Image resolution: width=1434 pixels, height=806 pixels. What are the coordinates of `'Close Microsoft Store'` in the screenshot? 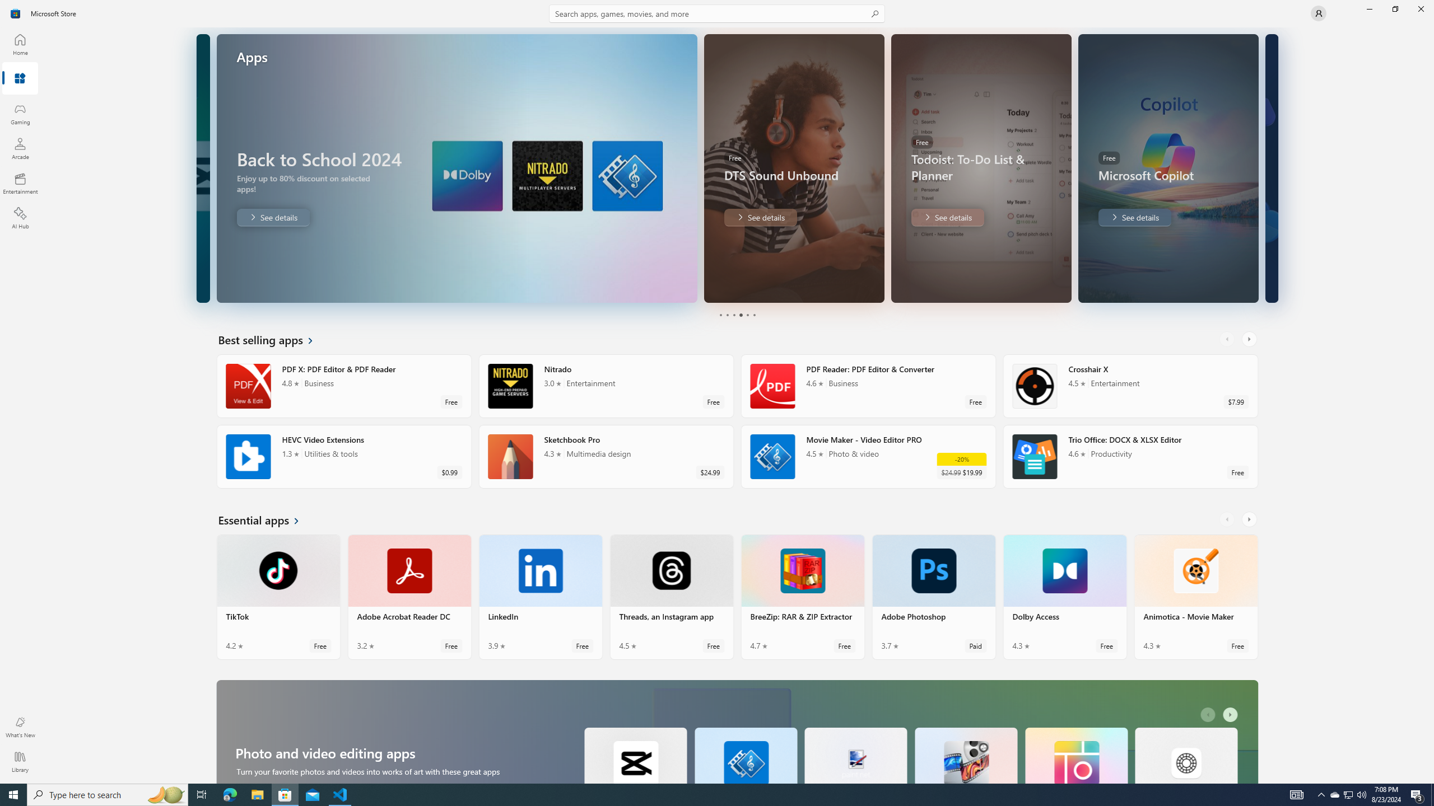 It's located at (1420, 8).